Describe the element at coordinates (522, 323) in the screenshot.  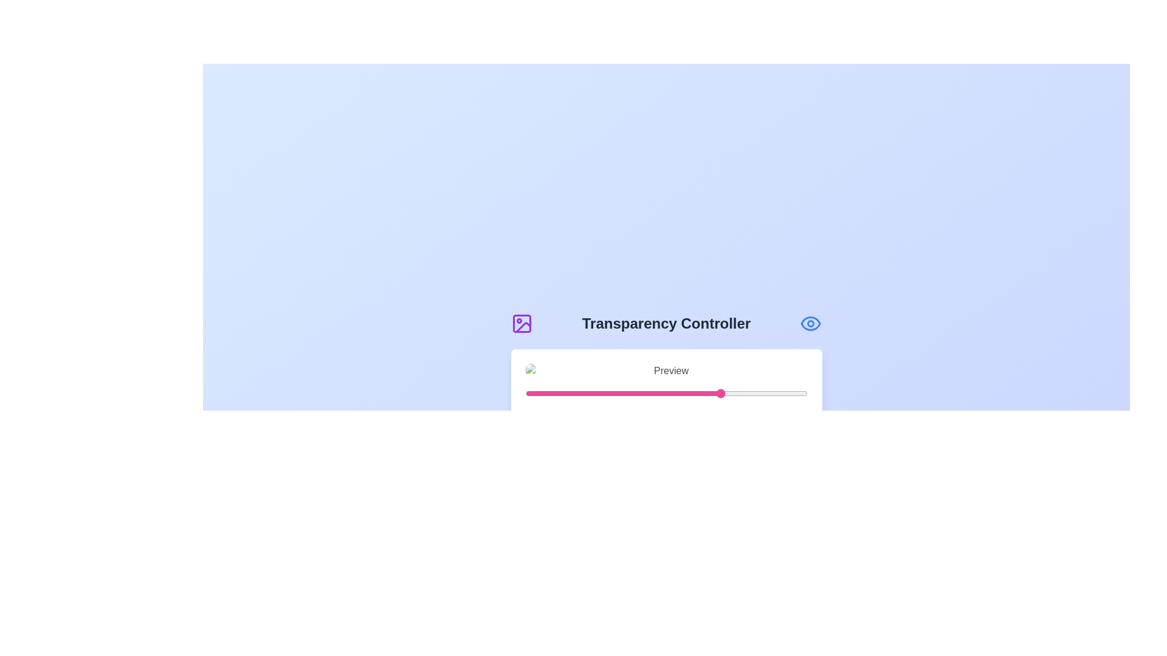
I see `the Image icon in the header` at that location.